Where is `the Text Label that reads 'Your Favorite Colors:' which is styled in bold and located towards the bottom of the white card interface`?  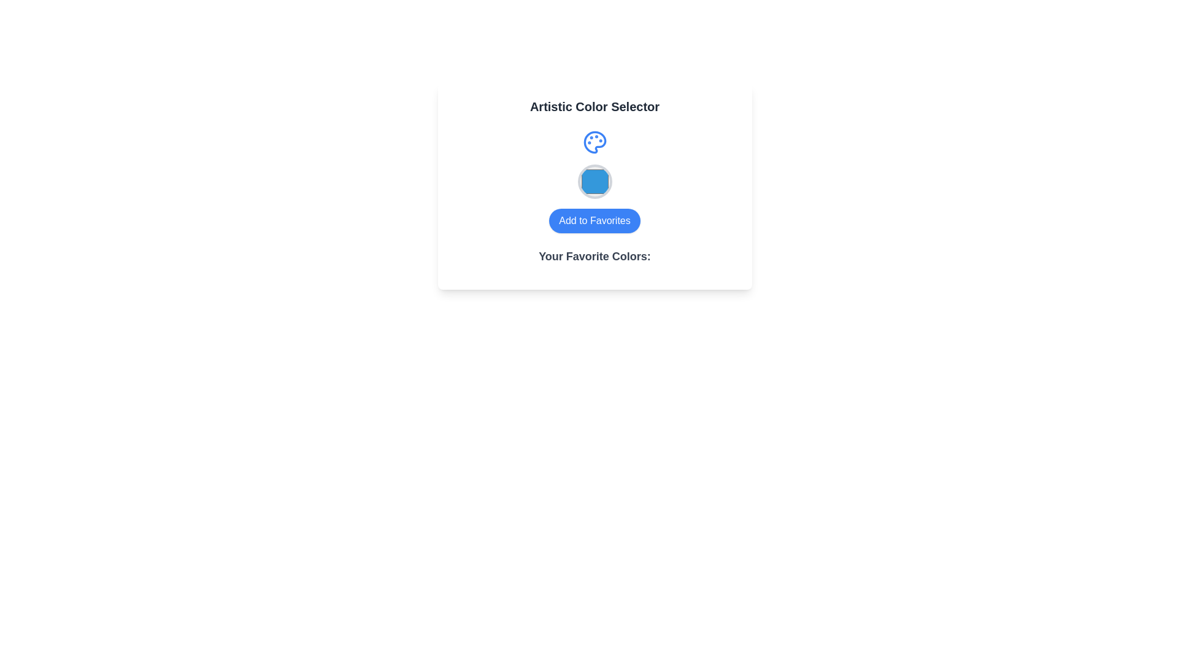
the Text Label that reads 'Your Favorite Colors:' which is styled in bold and located towards the bottom of the white card interface is located at coordinates (595, 255).